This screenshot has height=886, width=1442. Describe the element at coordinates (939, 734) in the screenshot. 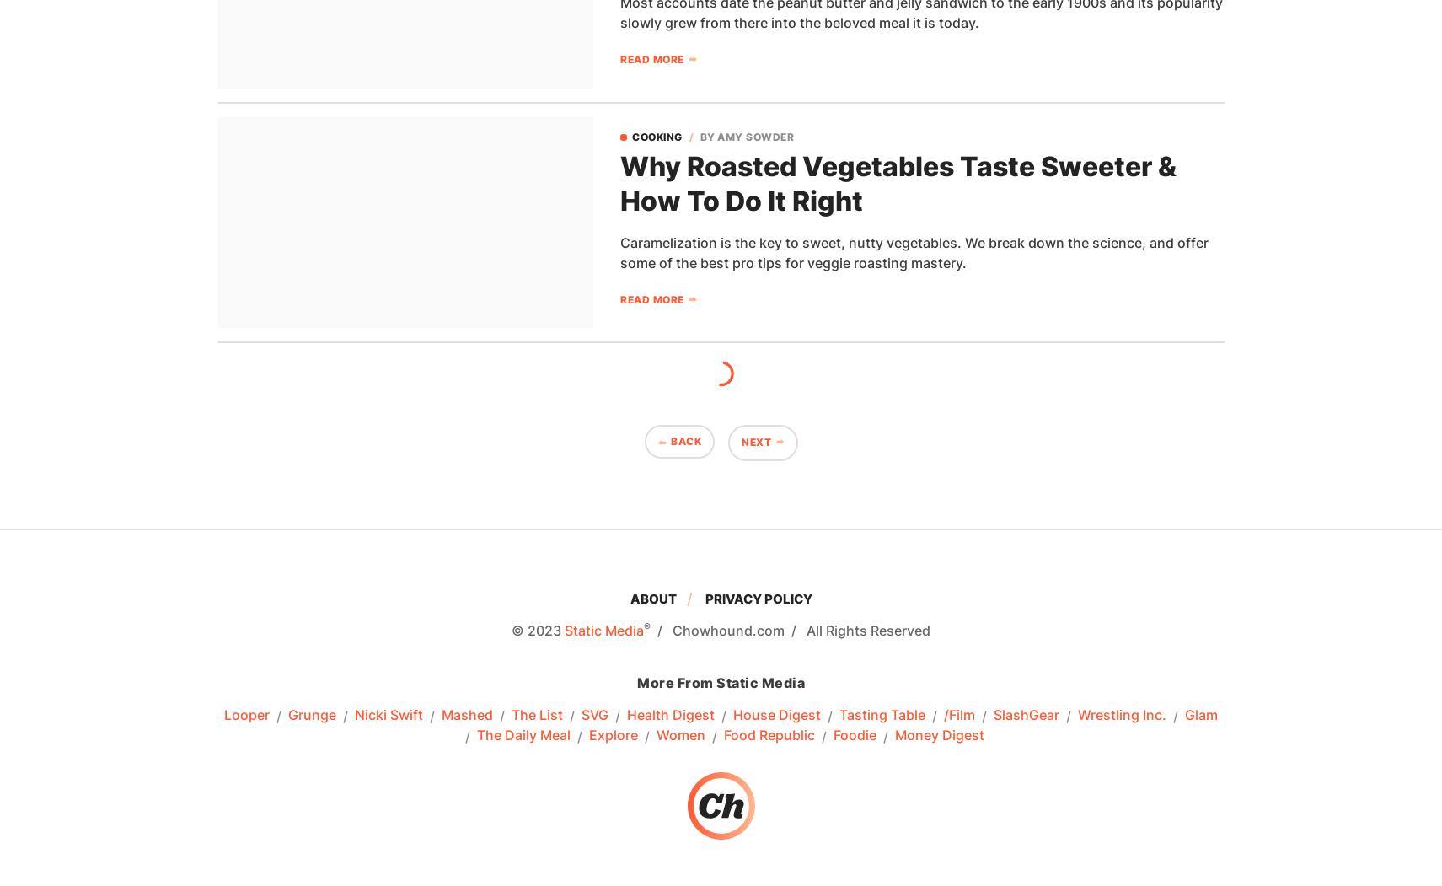

I see `'Money Digest'` at that location.